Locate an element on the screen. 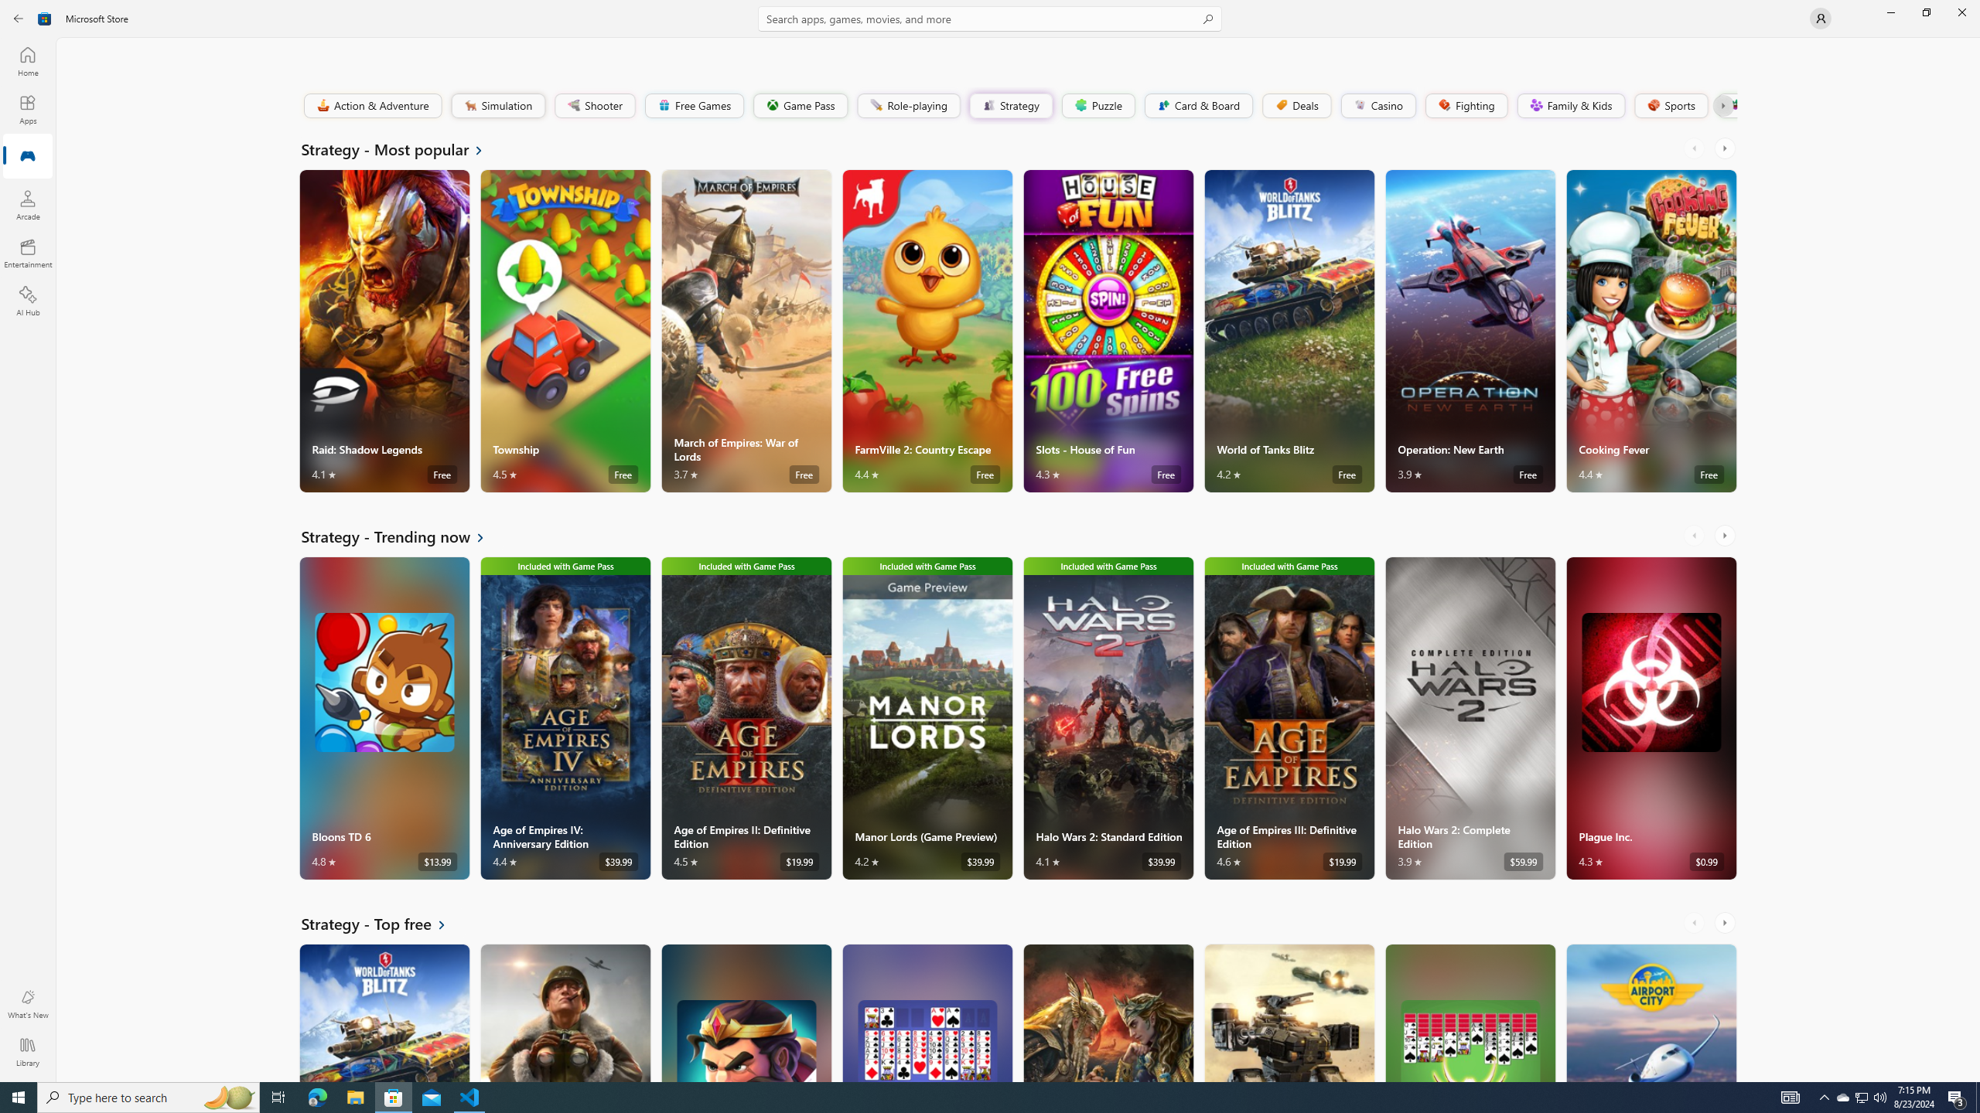  'Family & Kids' is located at coordinates (1570, 104).